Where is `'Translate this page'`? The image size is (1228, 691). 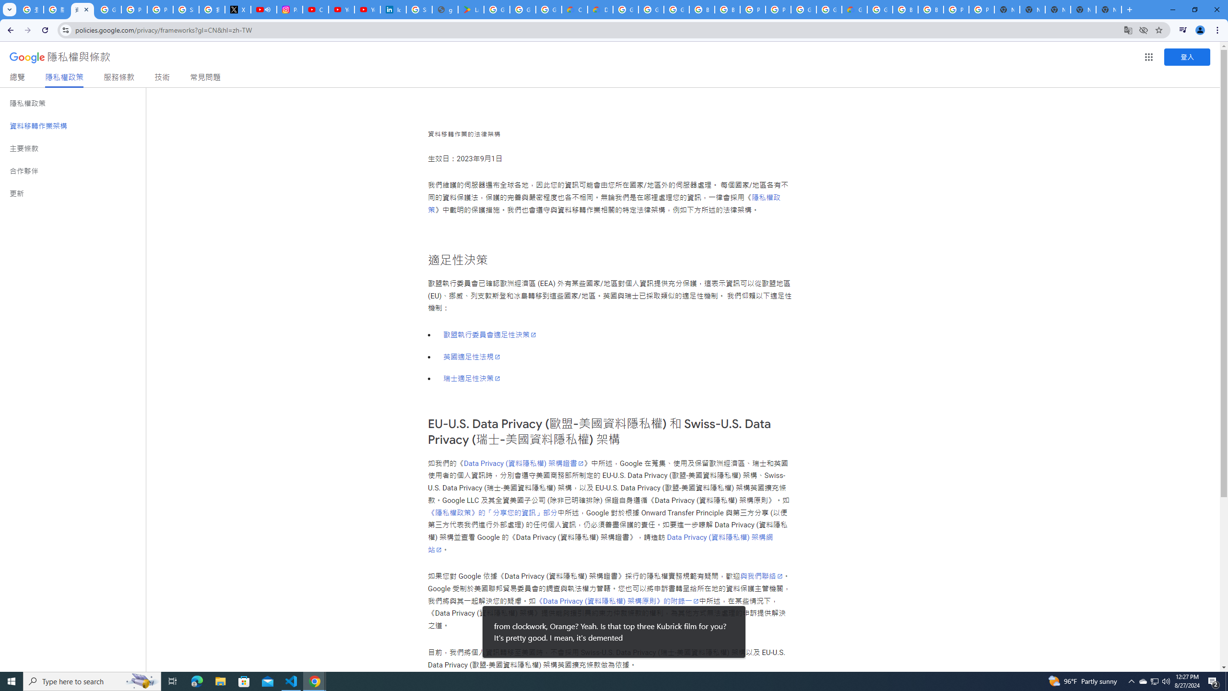 'Translate this page' is located at coordinates (1128, 29).